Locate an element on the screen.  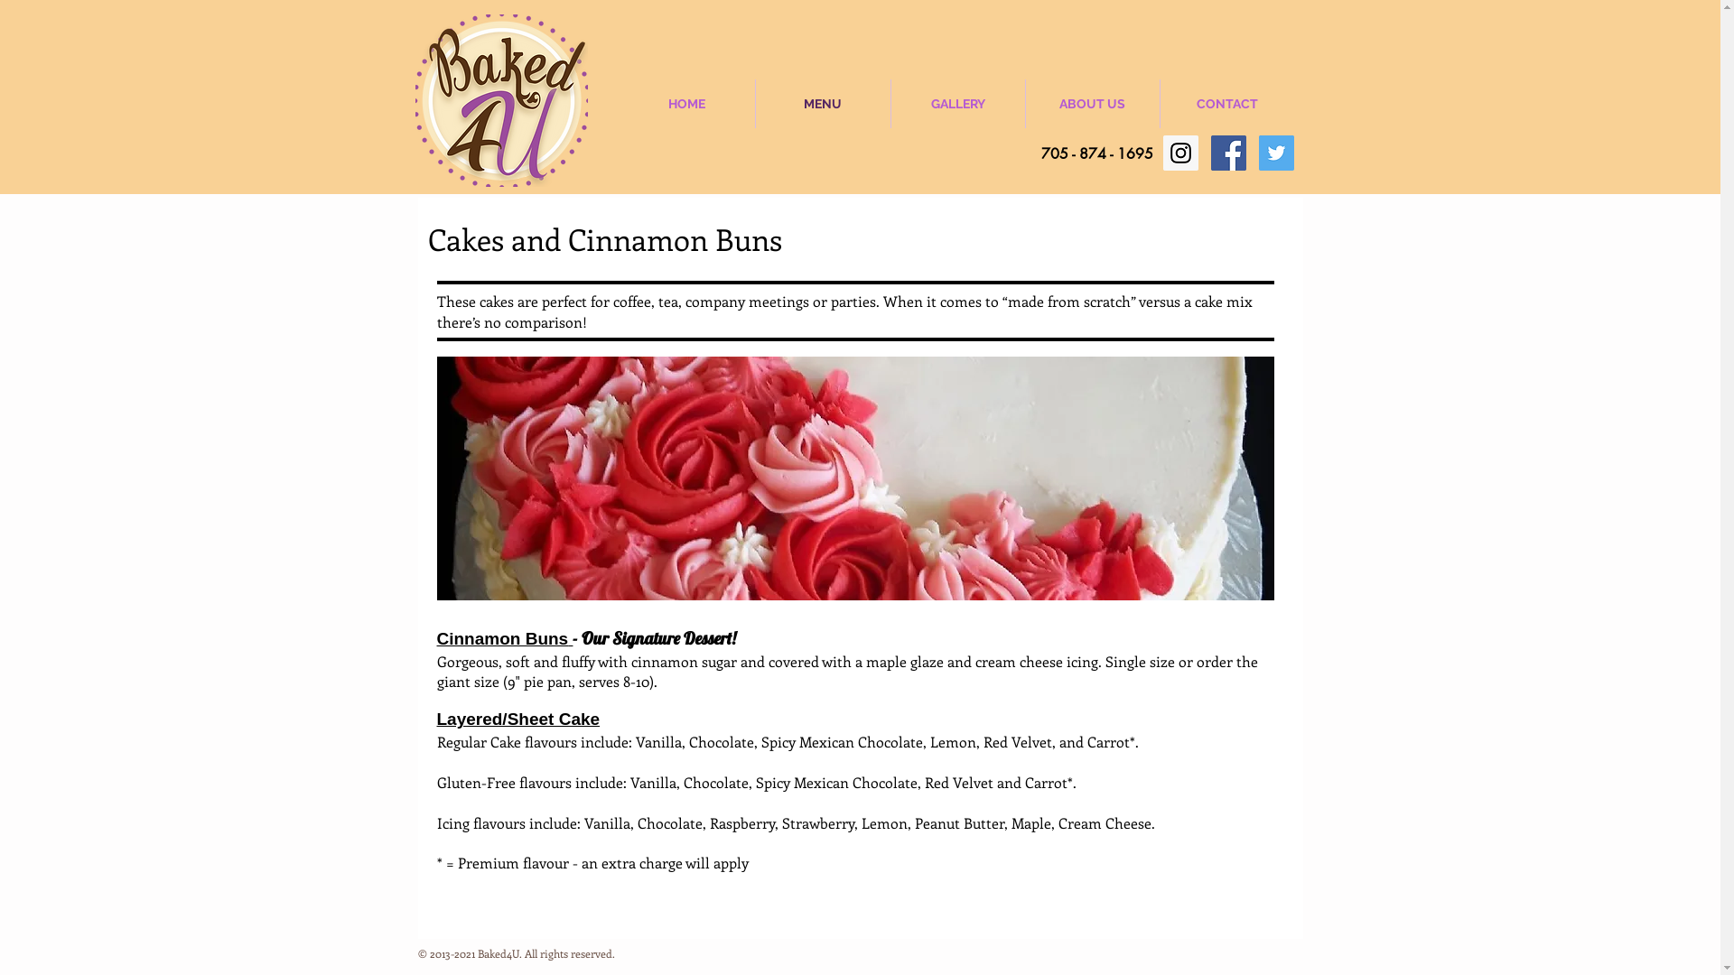
'ABOUT US' is located at coordinates (1026, 104).